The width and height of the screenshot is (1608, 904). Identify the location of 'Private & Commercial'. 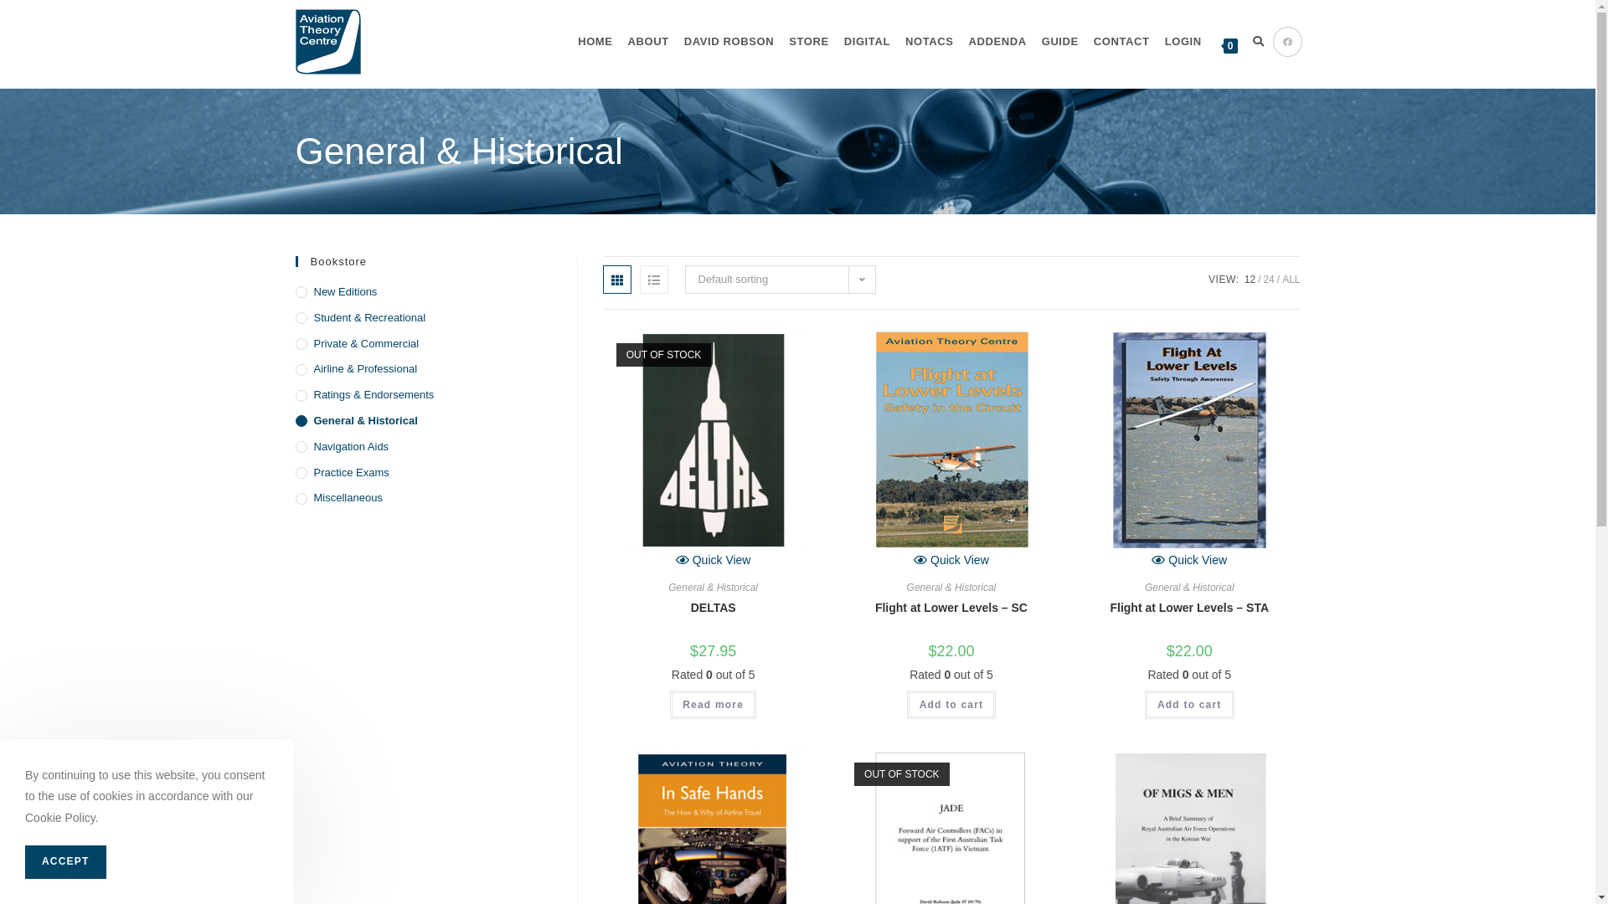
(422, 343).